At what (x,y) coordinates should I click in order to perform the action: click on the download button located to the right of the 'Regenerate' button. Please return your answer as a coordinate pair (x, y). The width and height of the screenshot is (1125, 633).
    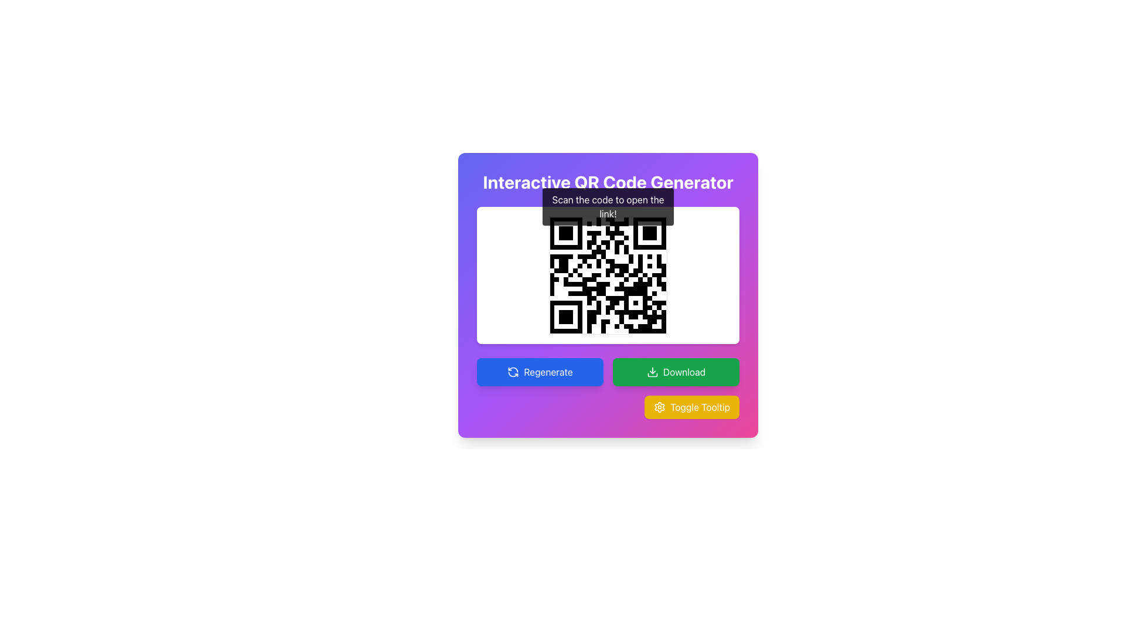
    Looking at the image, I should click on (676, 372).